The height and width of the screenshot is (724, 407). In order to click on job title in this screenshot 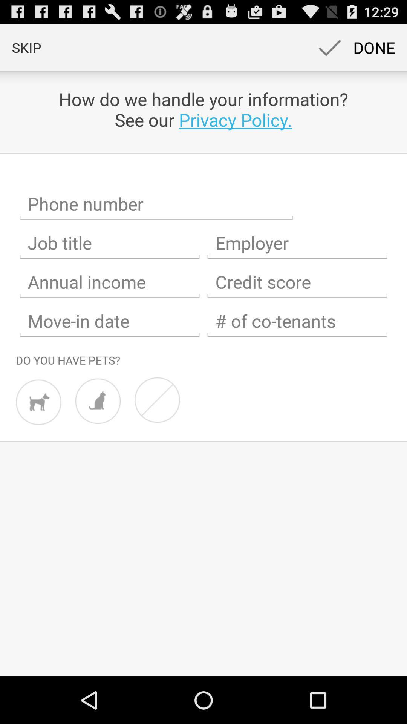, I will do `click(109, 243)`.